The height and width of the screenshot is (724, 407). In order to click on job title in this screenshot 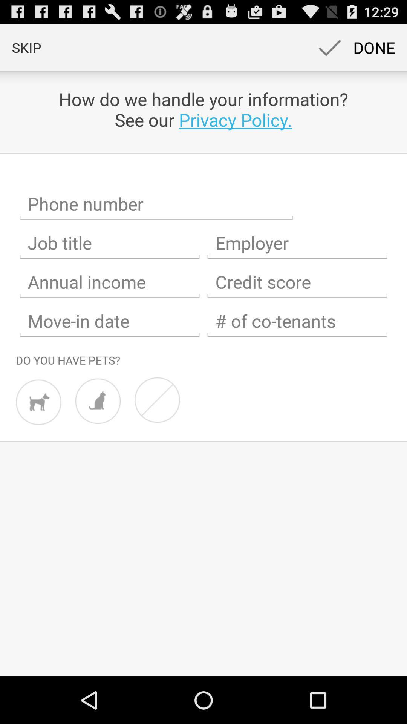, I will do `click(109, 243)`.